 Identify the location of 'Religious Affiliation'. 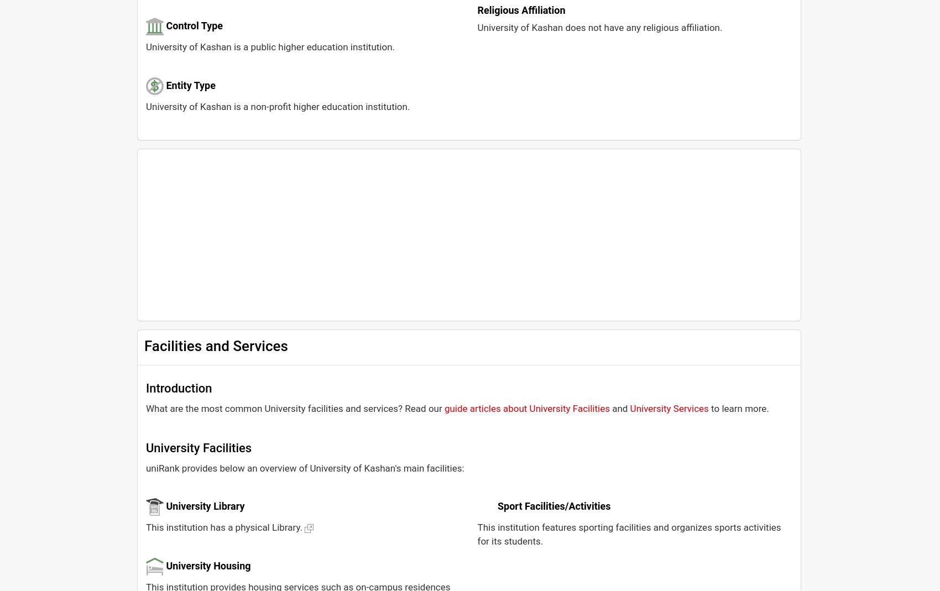
(521, 9).